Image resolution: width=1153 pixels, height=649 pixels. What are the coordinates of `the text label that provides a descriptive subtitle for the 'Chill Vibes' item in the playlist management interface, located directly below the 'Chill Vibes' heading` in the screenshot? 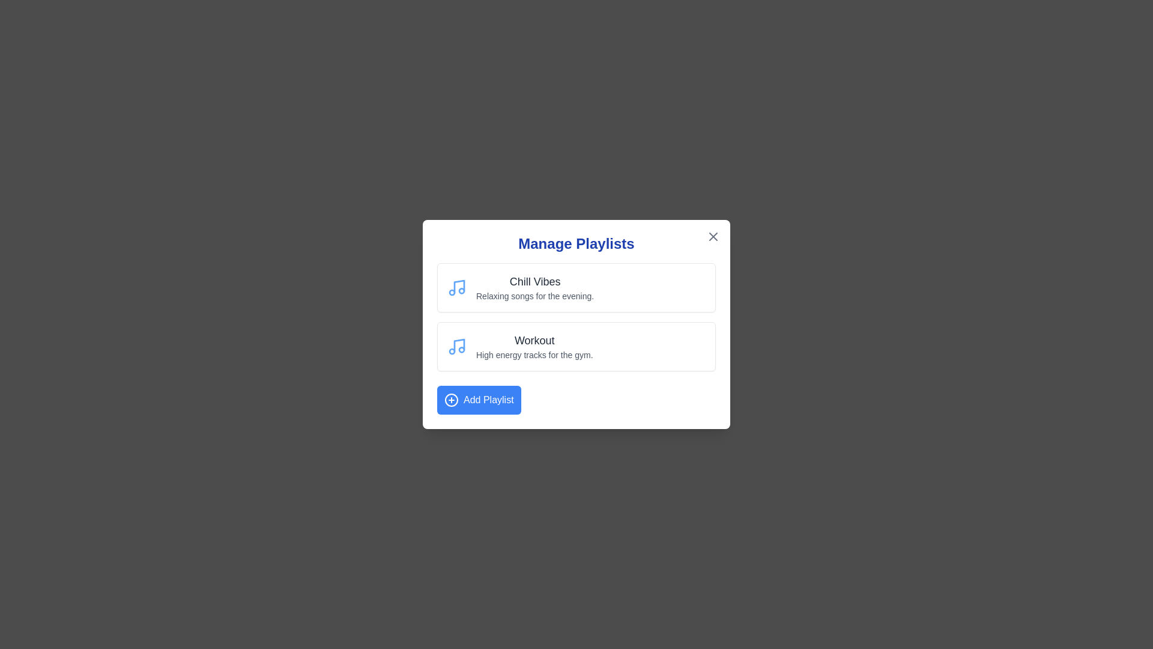 It's located at (534, 296).